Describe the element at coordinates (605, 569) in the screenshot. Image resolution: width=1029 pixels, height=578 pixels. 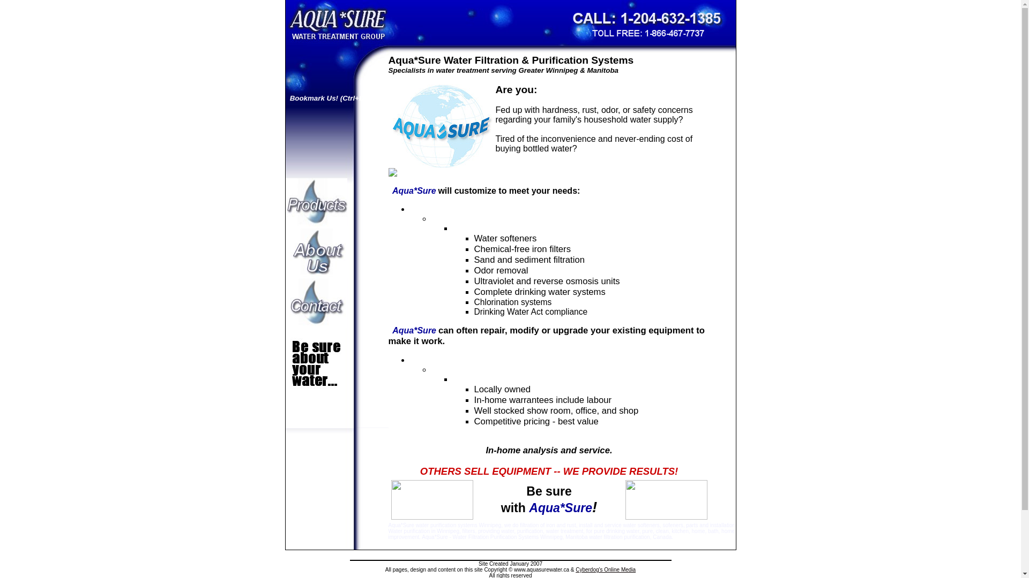
I see `'Cyberdog's Online Media'` at that location.